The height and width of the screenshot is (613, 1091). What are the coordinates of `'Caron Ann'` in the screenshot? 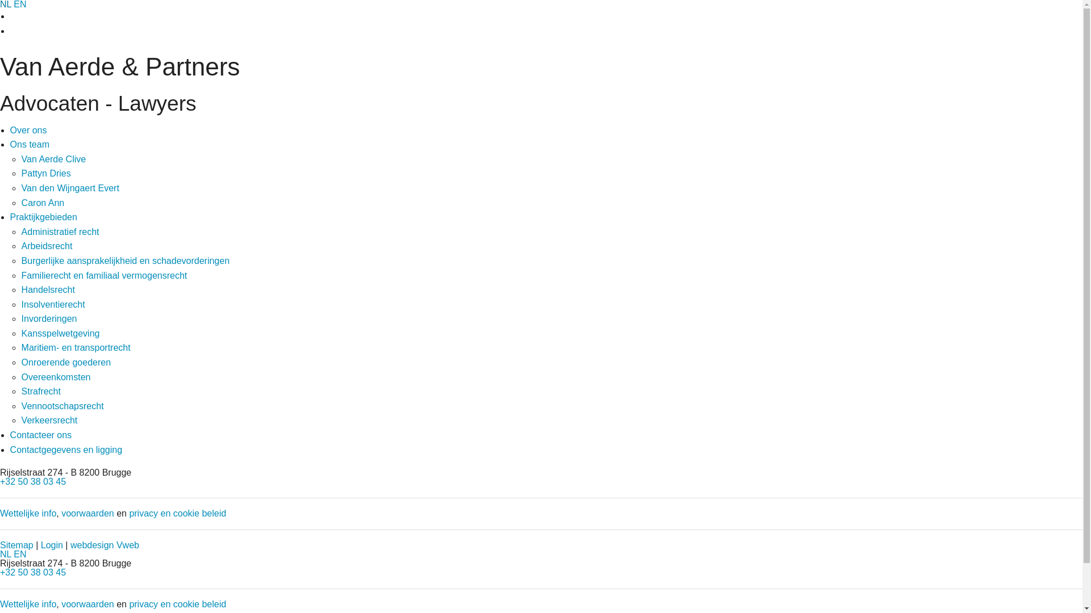 It's located at (43, 202).